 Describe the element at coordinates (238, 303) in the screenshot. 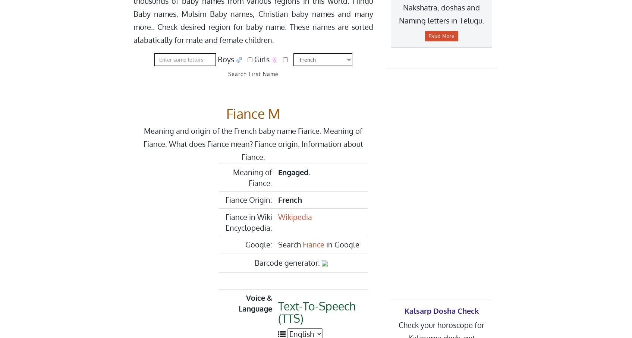

I see `'Voice & Language'` at that location.